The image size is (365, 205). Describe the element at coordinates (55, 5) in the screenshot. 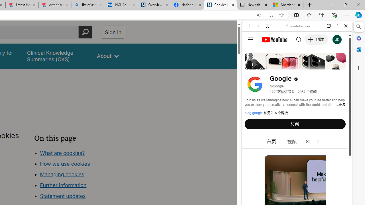

I see `'Arthritis: Ask Health Professionals'` at that location.